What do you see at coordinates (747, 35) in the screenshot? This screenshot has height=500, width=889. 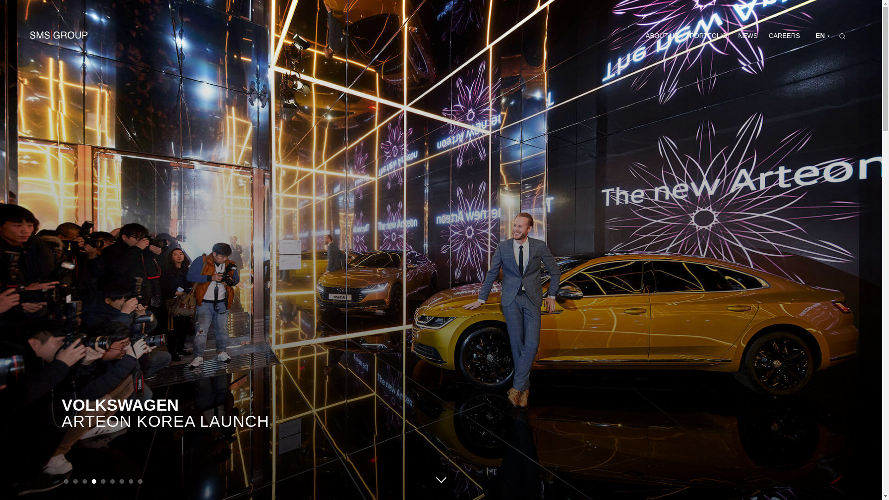 I see `'NEWS'` at bounding box center [747, 35].